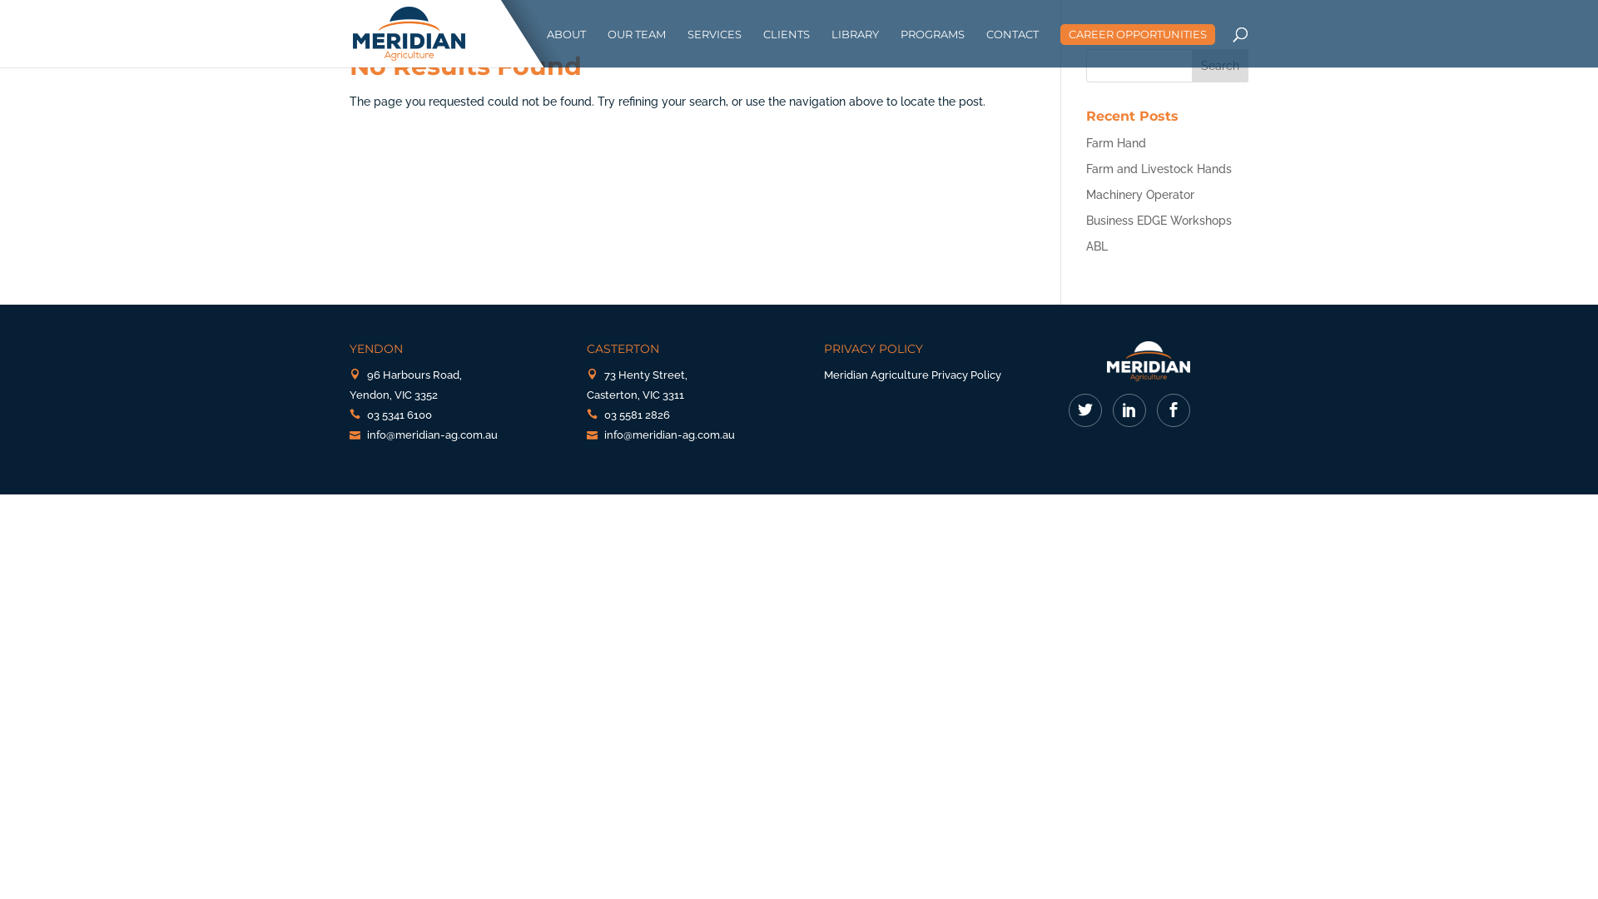 The image size is (1598, 899). Describe the element at coordinates (831, 47) in the screenshot. I see `'LIBRARY'` at that location.